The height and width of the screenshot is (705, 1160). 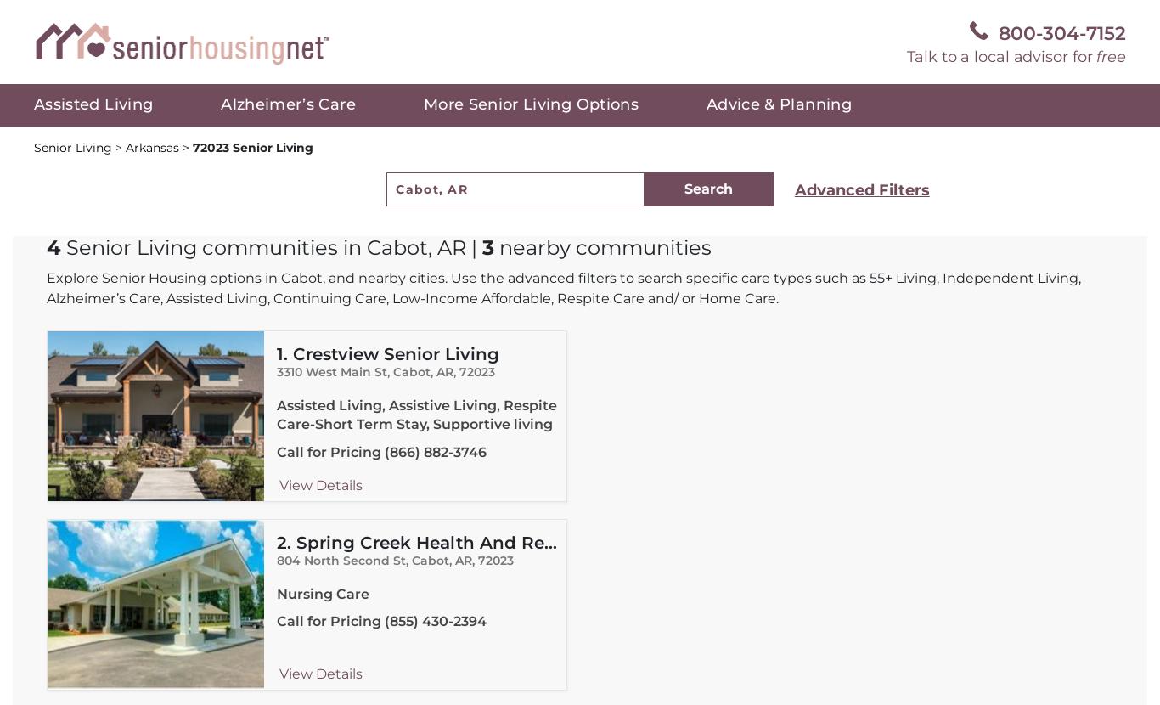 I want to click on 'Assisted Living', so click(x=93, y=104).